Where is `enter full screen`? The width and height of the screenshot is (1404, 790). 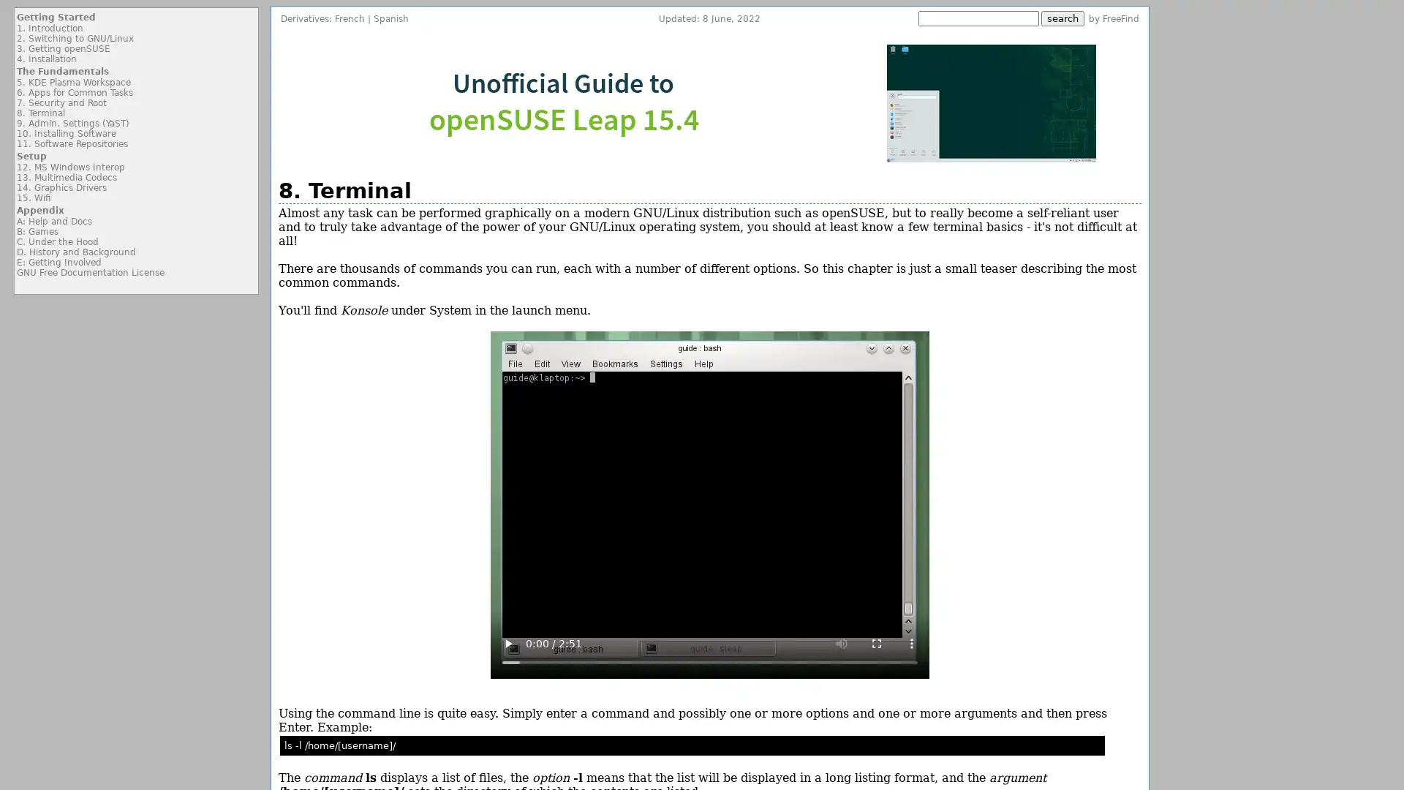
enter full screen is located at coordinates (876, 642).